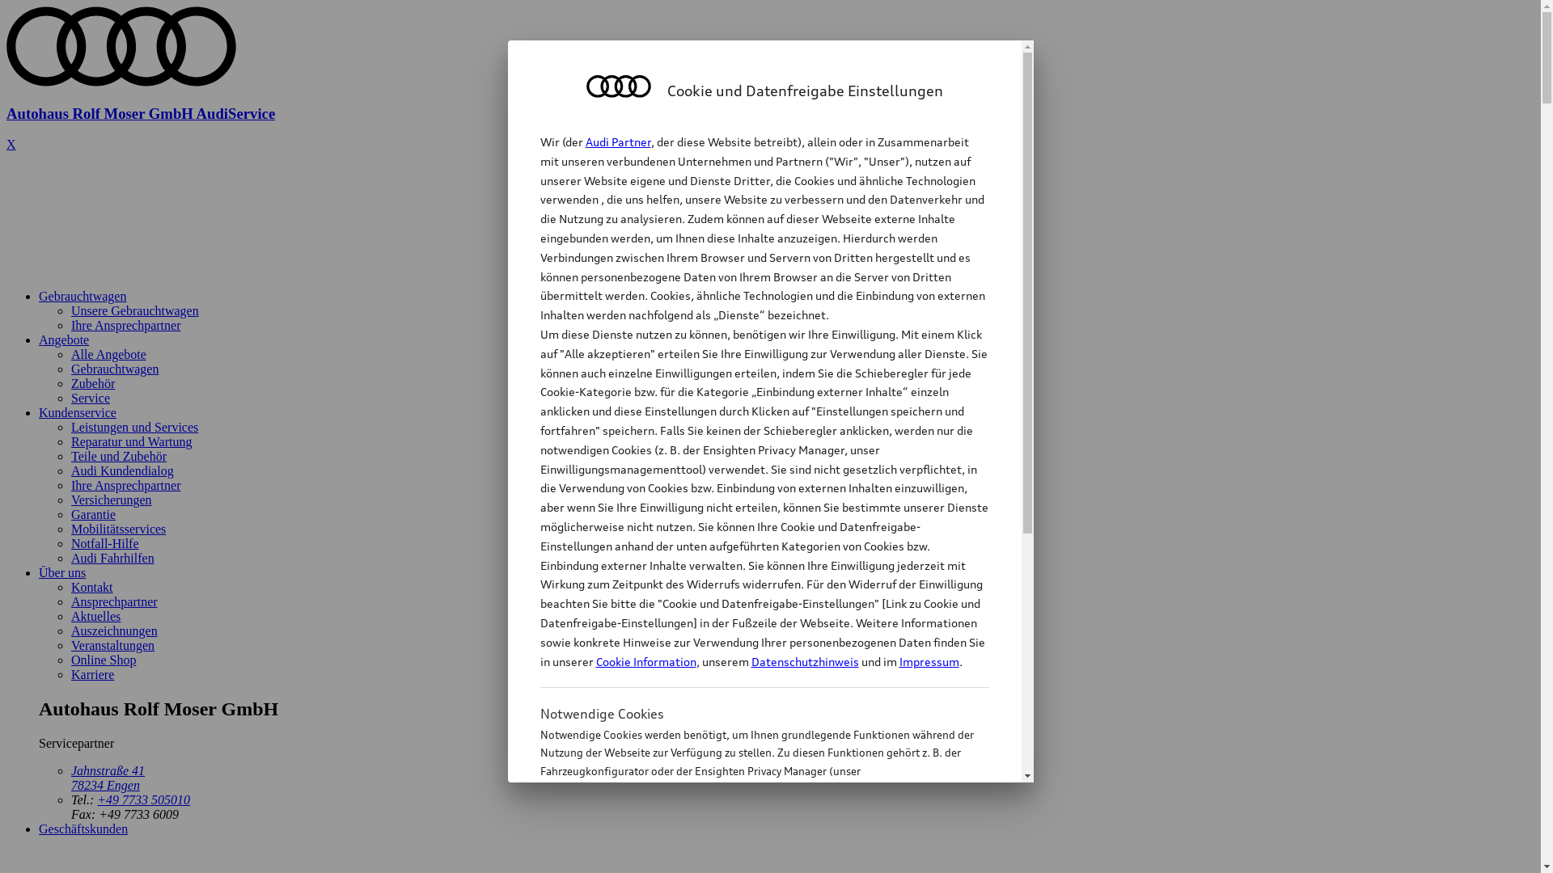 The width and height of the screenshot is (1553, 873). What do you see at coordinates (103, 660) in the screenshot?
I see `'Online Shop'` at bounding box center [103, 660].